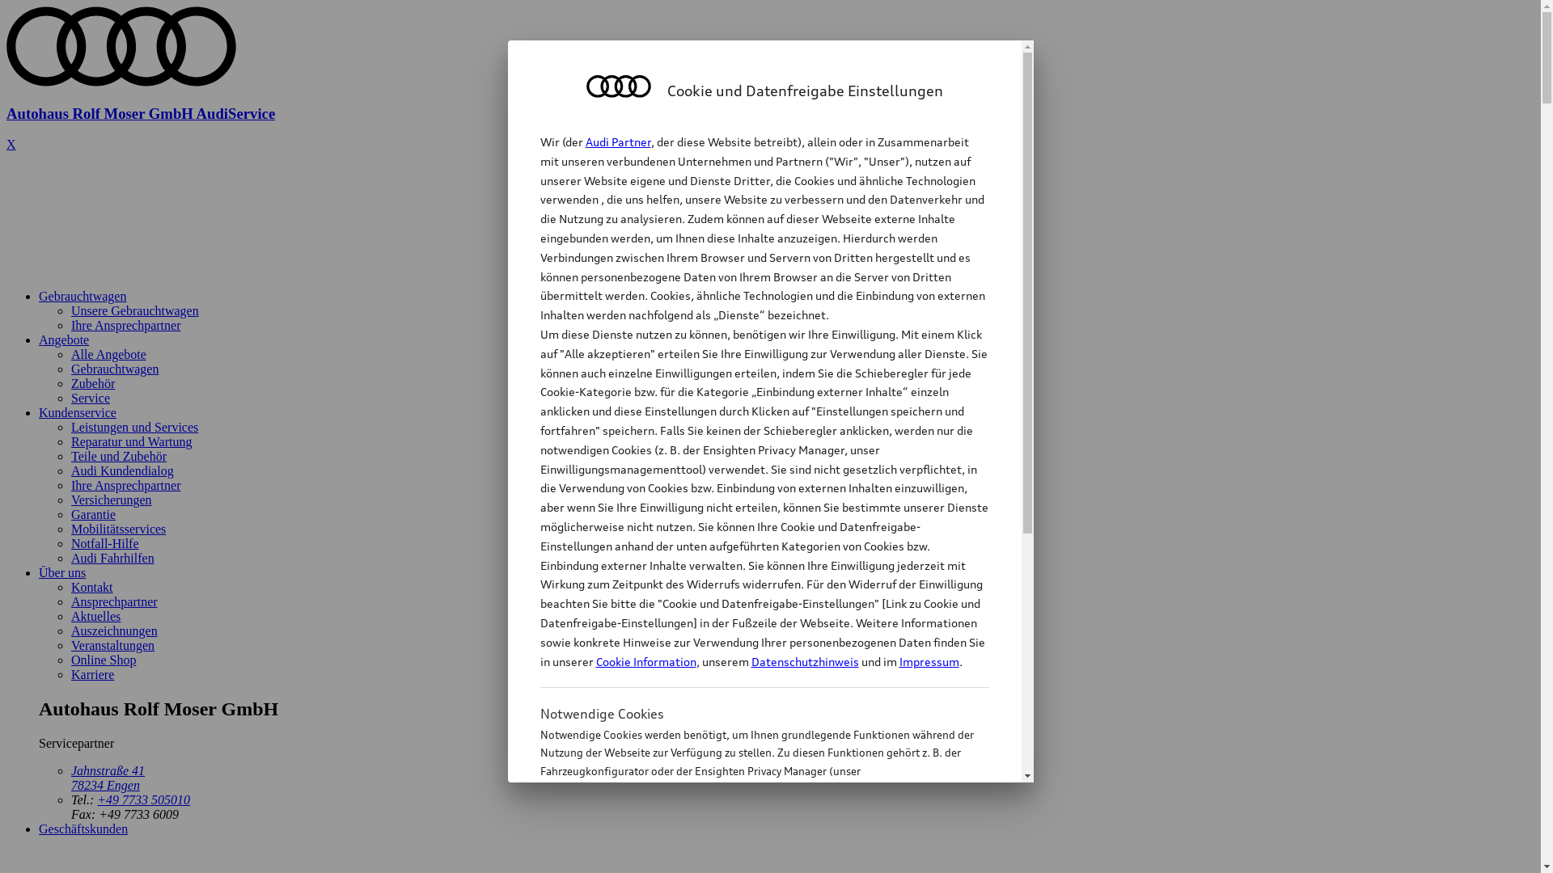 The width and height of the screenshot is (1553, 873). What do you see at coordinates (103, 660) in the screenshot?
I see `'Online Shop'` at bounding box center [103, 660].